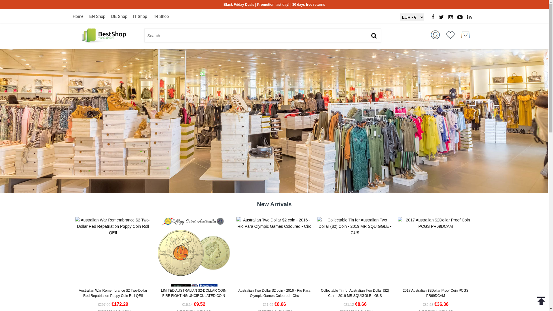 This screenshot has width=553, height=311. Describe the element at coordinates (442, 35) in the screenshot. I see `'Heart'` at that location.